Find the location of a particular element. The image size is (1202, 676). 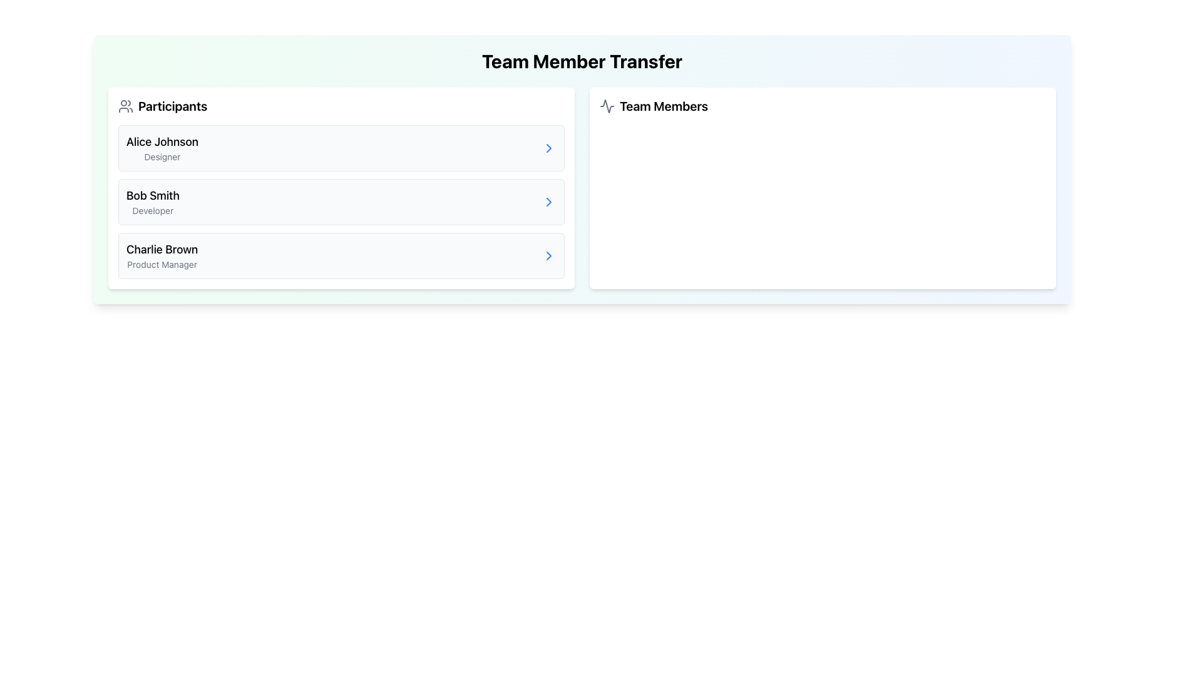

the text label displaying 'Product Manager', located in the 'Participants' section beneath 'Charlie Brown' is located at coordinates (162, 264).